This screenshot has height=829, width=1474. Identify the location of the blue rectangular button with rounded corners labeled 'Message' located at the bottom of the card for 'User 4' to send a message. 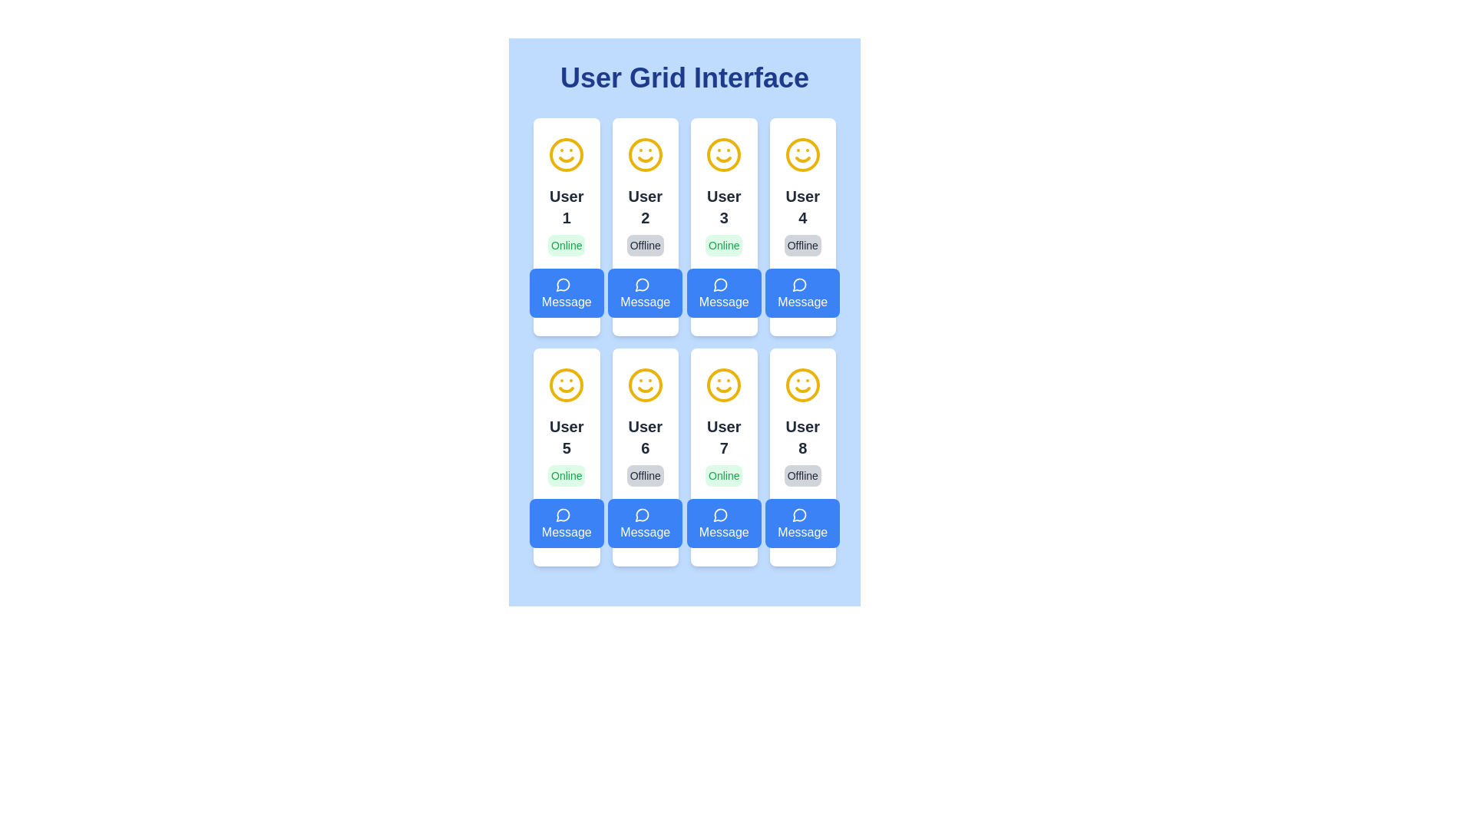
(801, 292).